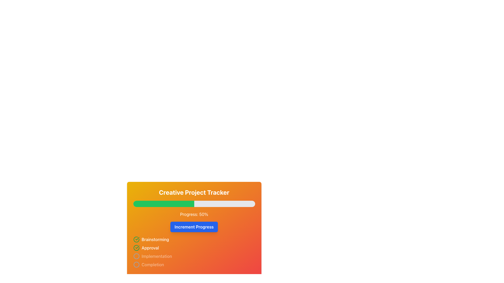 The width and height of the screenshot is (504, 283). What do you see at coordinates (194, 214) in the screenshot?
I see `the Text Label displaying 'Progress: 50%' which is situated within the 'Creative Project Tracker' card component, located below the progress bar and above the 'Increment Progress' button` at bounding box center [194, 214].